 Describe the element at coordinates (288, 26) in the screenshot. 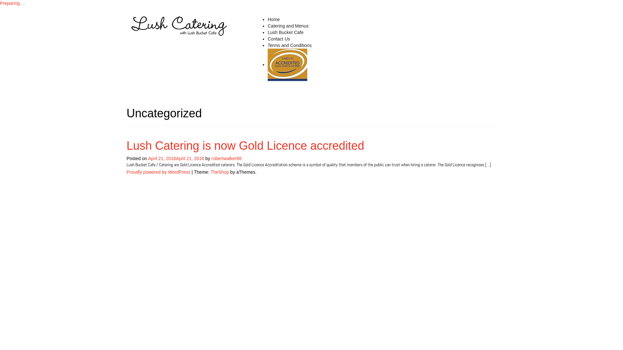

I see `'Catering and Menus'` at that location.